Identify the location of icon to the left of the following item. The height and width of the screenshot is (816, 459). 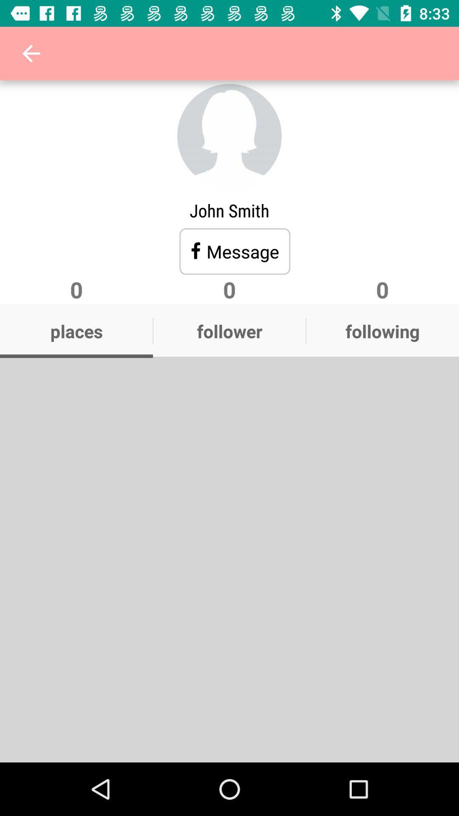
(229, 331).